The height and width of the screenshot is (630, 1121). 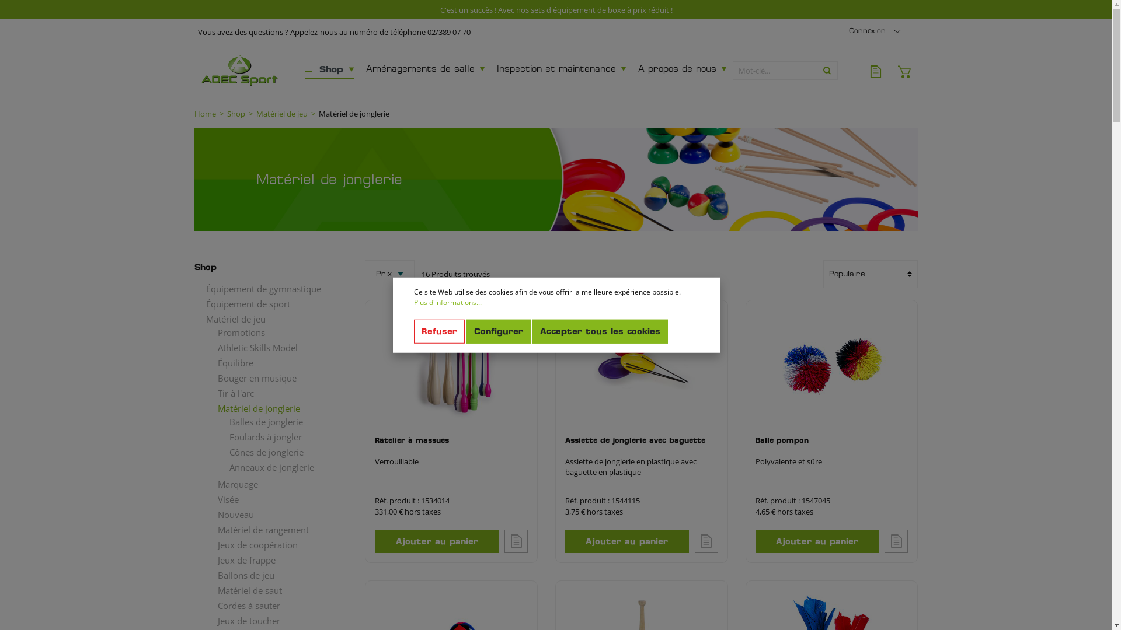 What do you see at coordinates (447, 302) in the screenshot?
I see `'Plus d'informations...'` at bounding box center [447, 302].